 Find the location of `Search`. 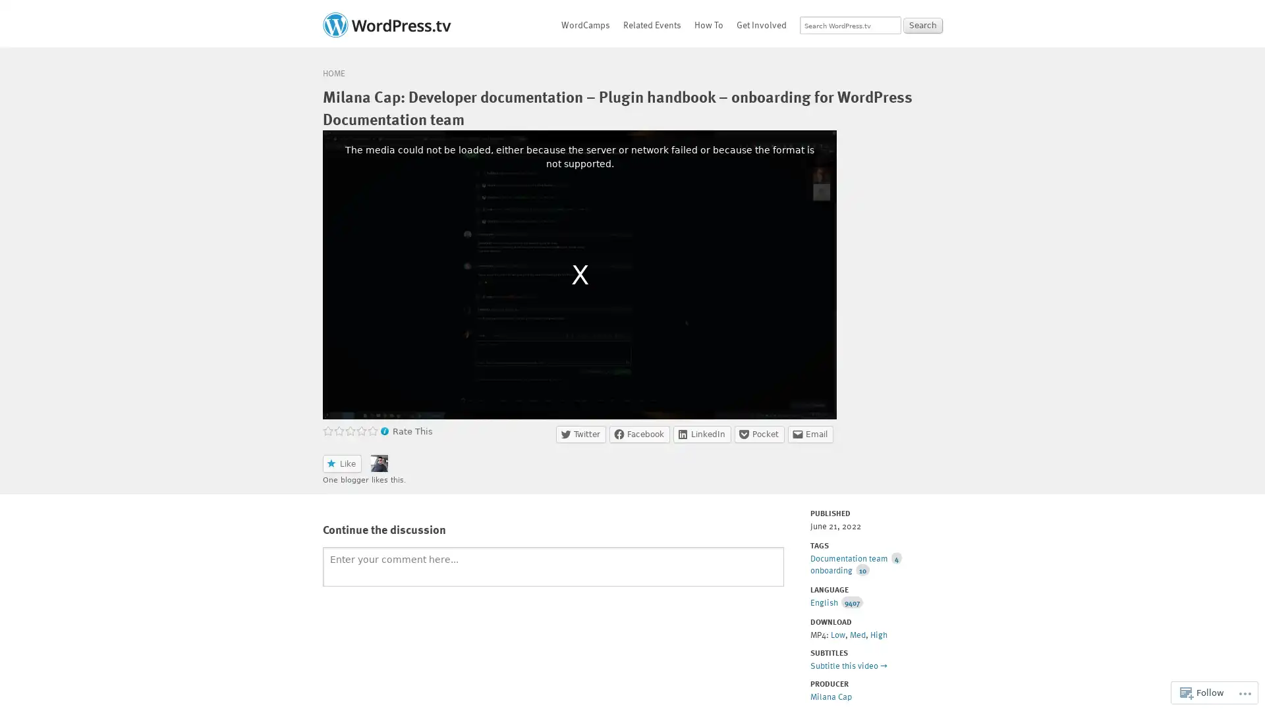

Search is located at coordinates (922, 25).